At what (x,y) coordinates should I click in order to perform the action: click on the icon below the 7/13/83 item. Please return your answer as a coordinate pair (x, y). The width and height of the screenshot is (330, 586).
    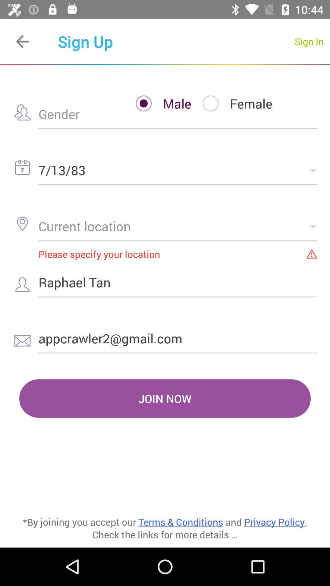
    Looking at the image, I should click on (178, 226).